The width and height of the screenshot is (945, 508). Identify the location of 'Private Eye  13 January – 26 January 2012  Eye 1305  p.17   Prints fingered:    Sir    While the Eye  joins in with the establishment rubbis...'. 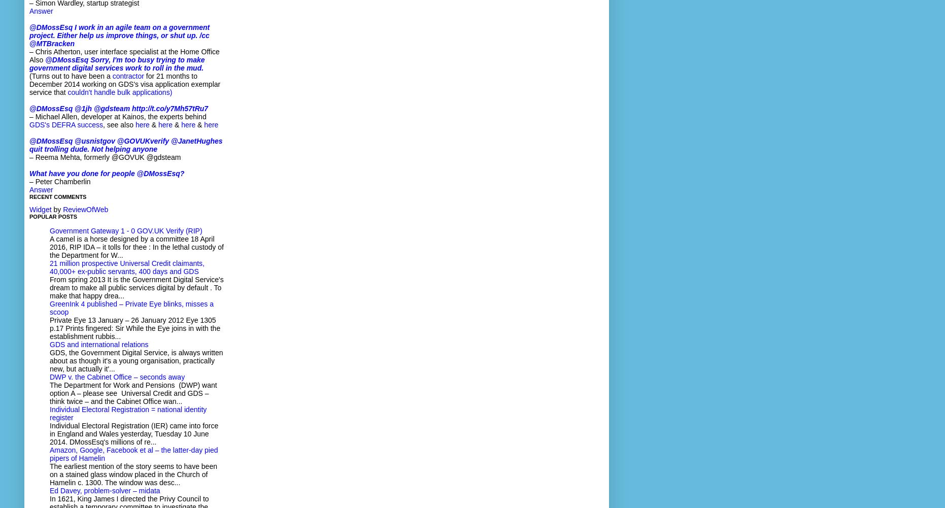
(135, 328).